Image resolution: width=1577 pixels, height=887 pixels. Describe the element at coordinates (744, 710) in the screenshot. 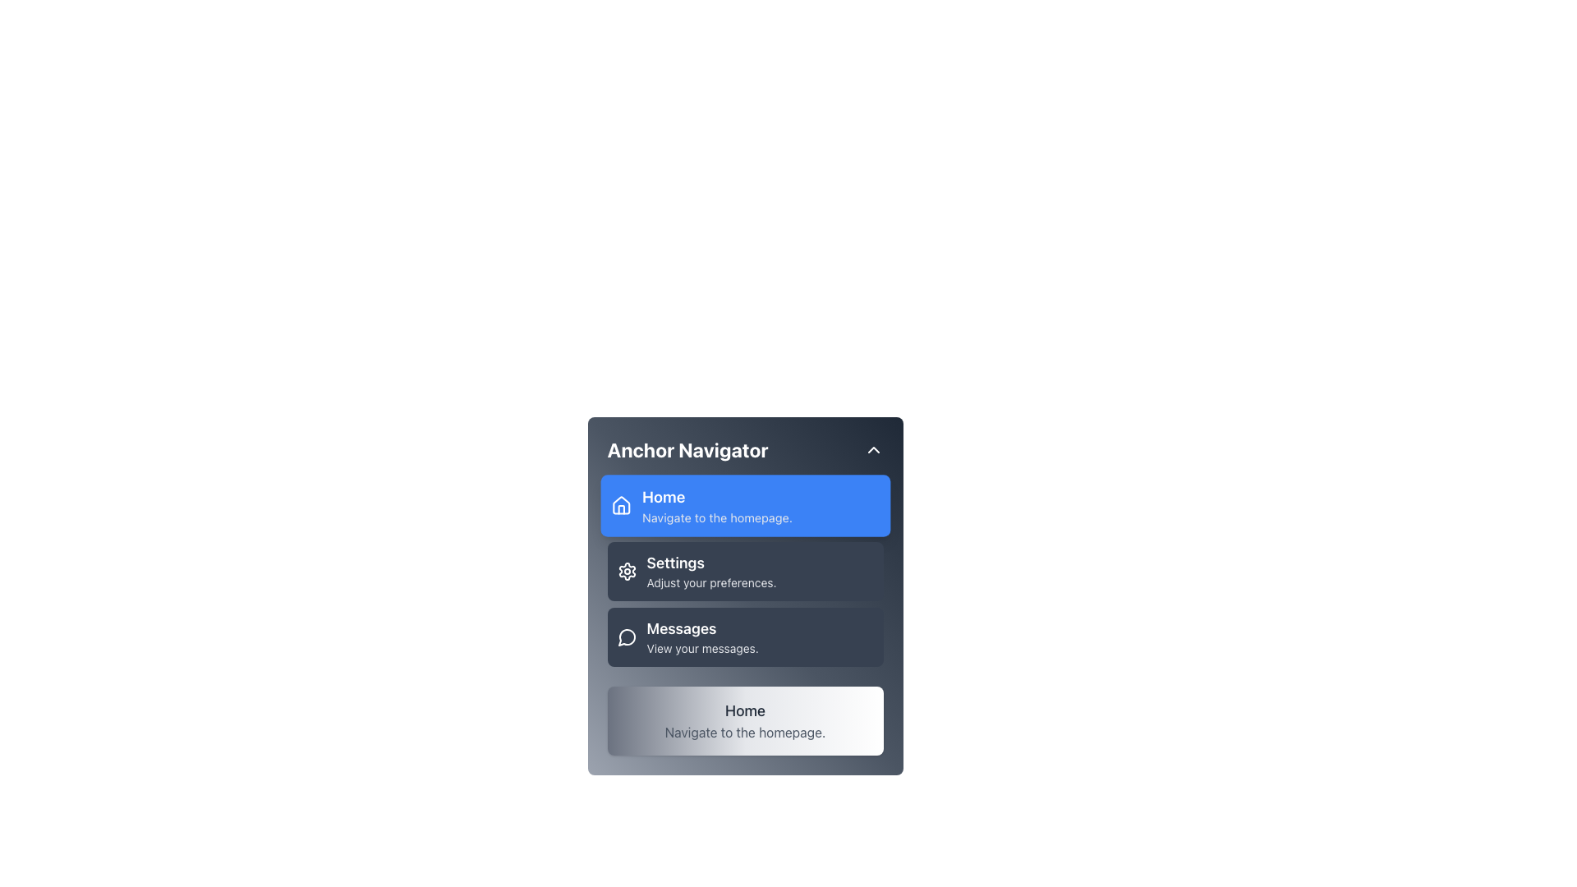

I see `the 'Home' text label, which is a piece of centered, medium-sized text in bold sans-serif font, displayed in dark gray against a light gradient background, located at the top of a rounded rectangular section in the 'Anchor Navigator' interface` at that location.